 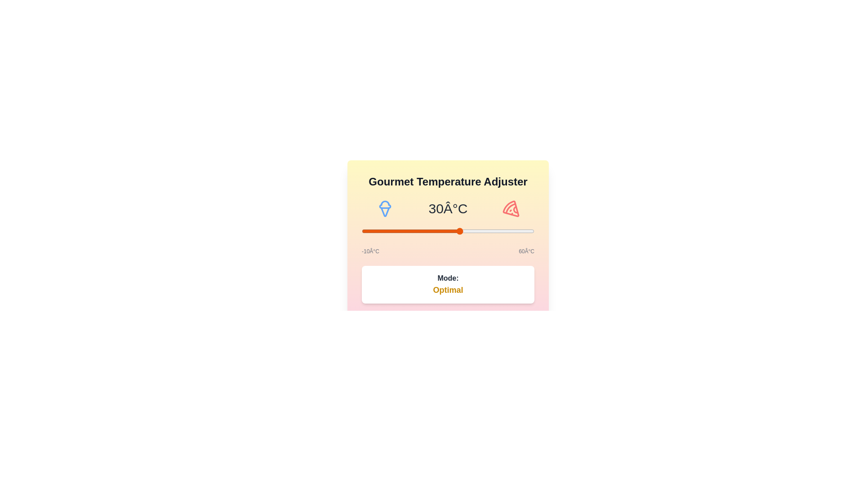 What do you see at coordinates (396, 231) in the screenshot?
I see `the temperature to 4°C using the slider` at bounding box center [396, 231].